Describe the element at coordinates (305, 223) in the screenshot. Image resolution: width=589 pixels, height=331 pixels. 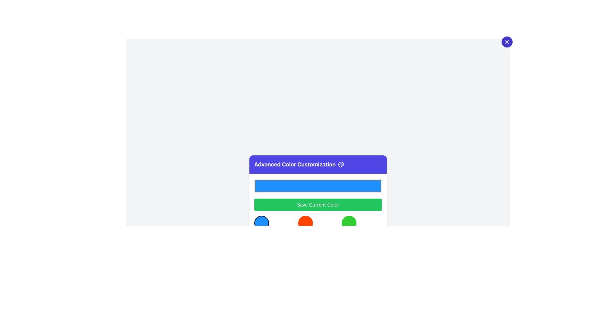
I see `the second button in the 2x3 grid layout, located in the top-middle cell, which serves as a color choice visual indicator` at that location.